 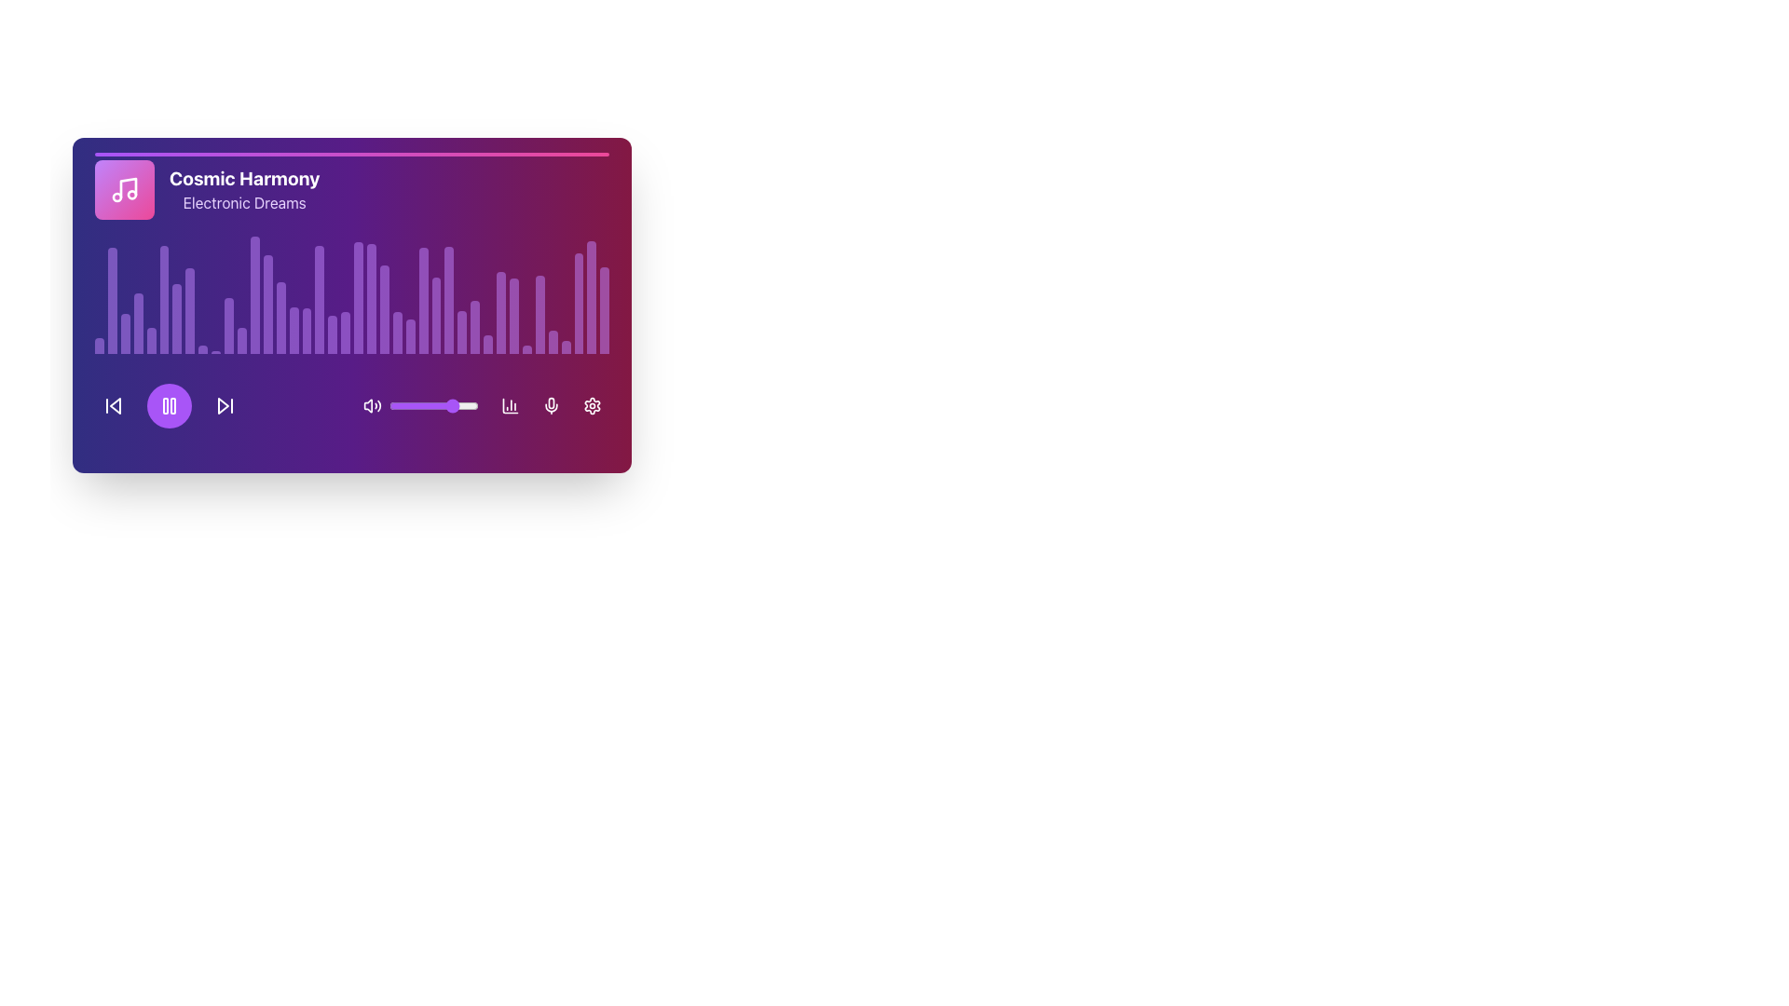 What do you see at coordinates (98, 346) in the screenshot?
I see `the first bar in the horizontally-aligned bar graph that visually represents a data value, located in the lower half of the interface` at bounding box center [98, 346].